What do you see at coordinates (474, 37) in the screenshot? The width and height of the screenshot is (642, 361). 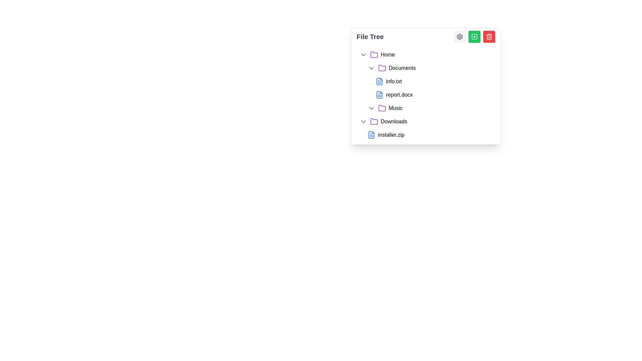 I see `the green button containing the small square graphical element with rounded corners, located in the toolbar above the file tree panel` at bounding box center [474, 37].